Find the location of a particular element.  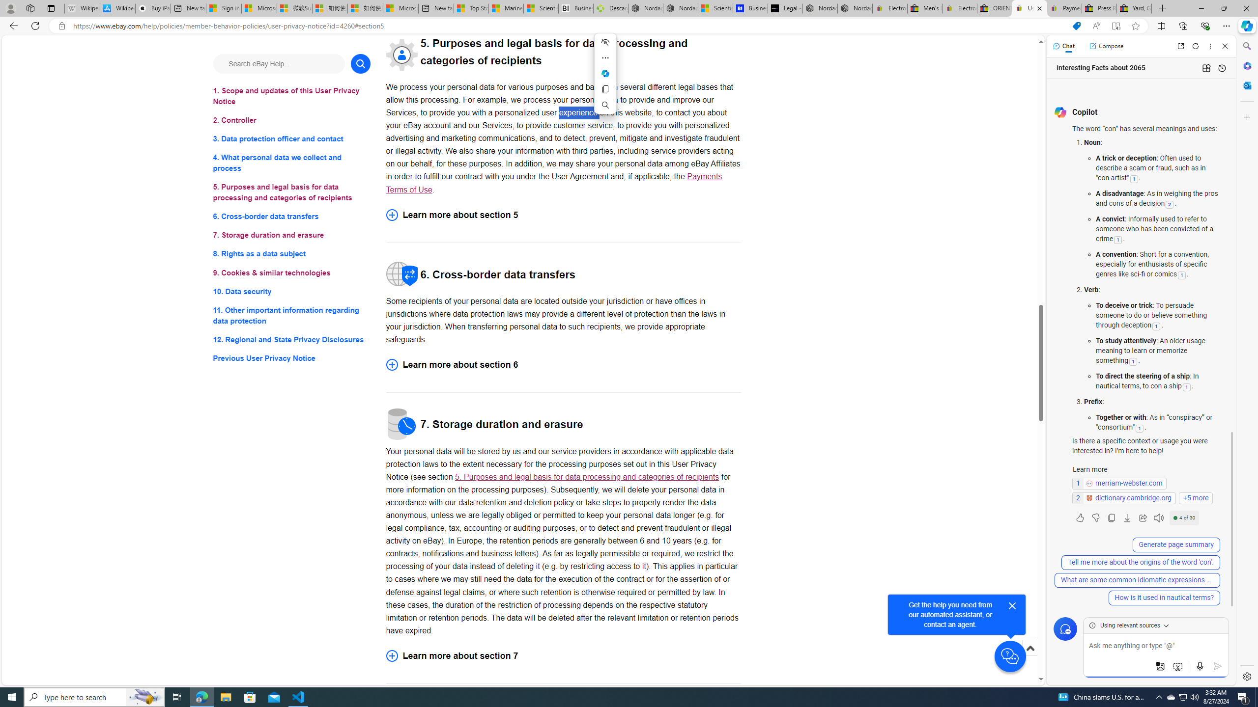

'Compose' is located at coordinates (1106, 45).